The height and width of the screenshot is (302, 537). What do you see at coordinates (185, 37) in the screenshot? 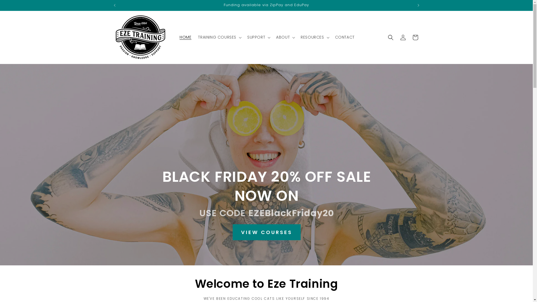
I see `'HOME'` at bounding box center [185, 37].